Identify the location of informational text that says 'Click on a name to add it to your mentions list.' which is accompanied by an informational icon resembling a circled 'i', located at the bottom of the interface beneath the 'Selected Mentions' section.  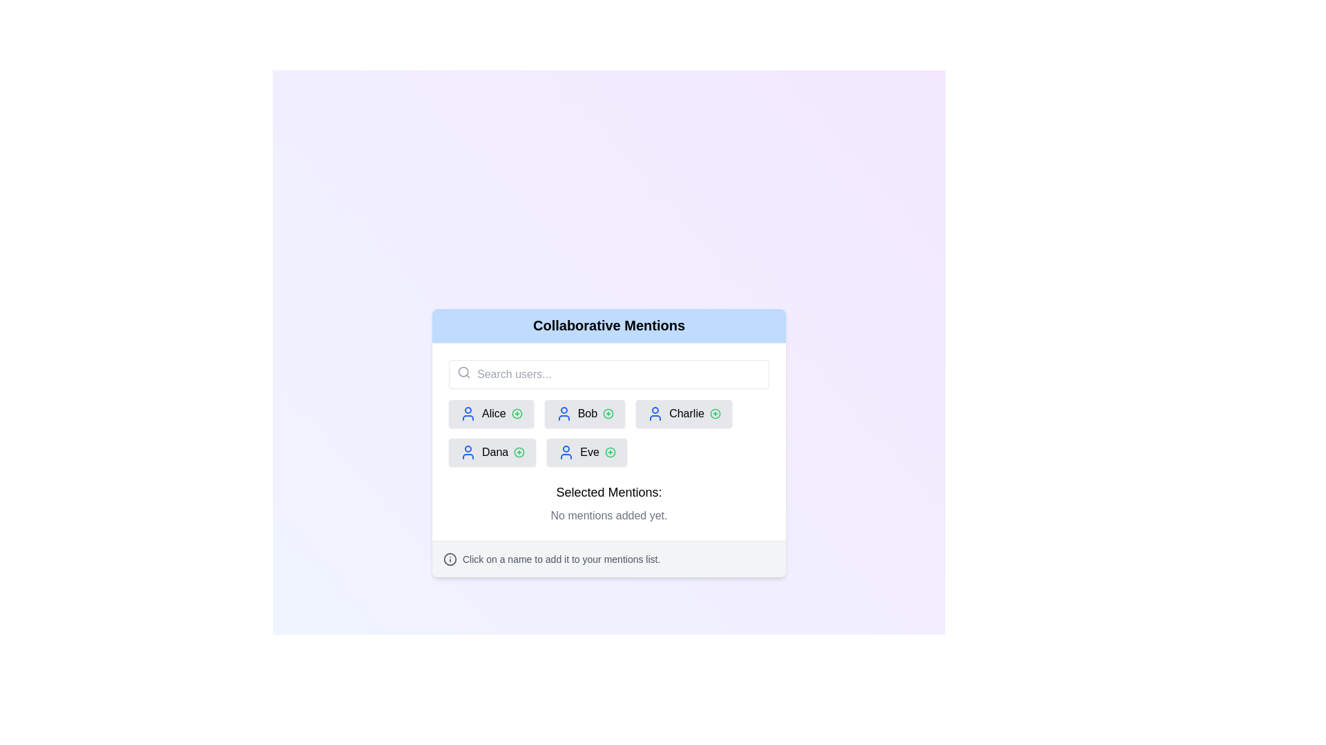
(608, 559).